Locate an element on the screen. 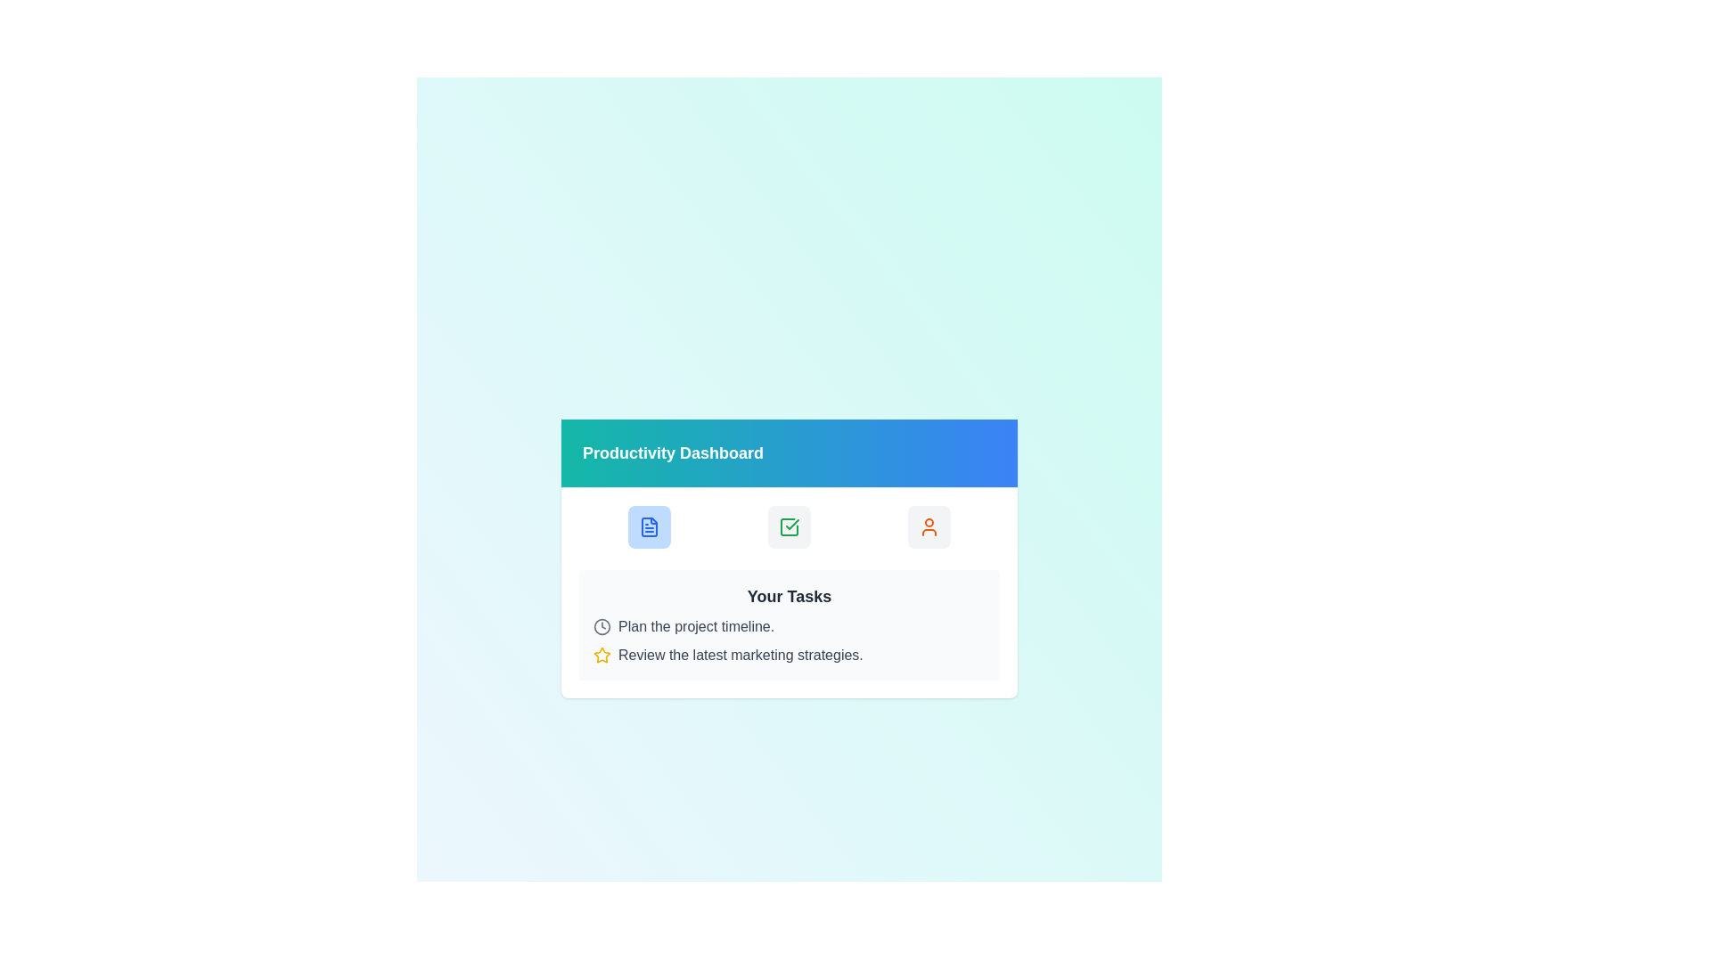 This screenshot has width=1711, height=962. the middle icon, which has a green square outline with a checkmark inside, located under the 'Productivity Dashboard' is located at coordinates (788, 526).